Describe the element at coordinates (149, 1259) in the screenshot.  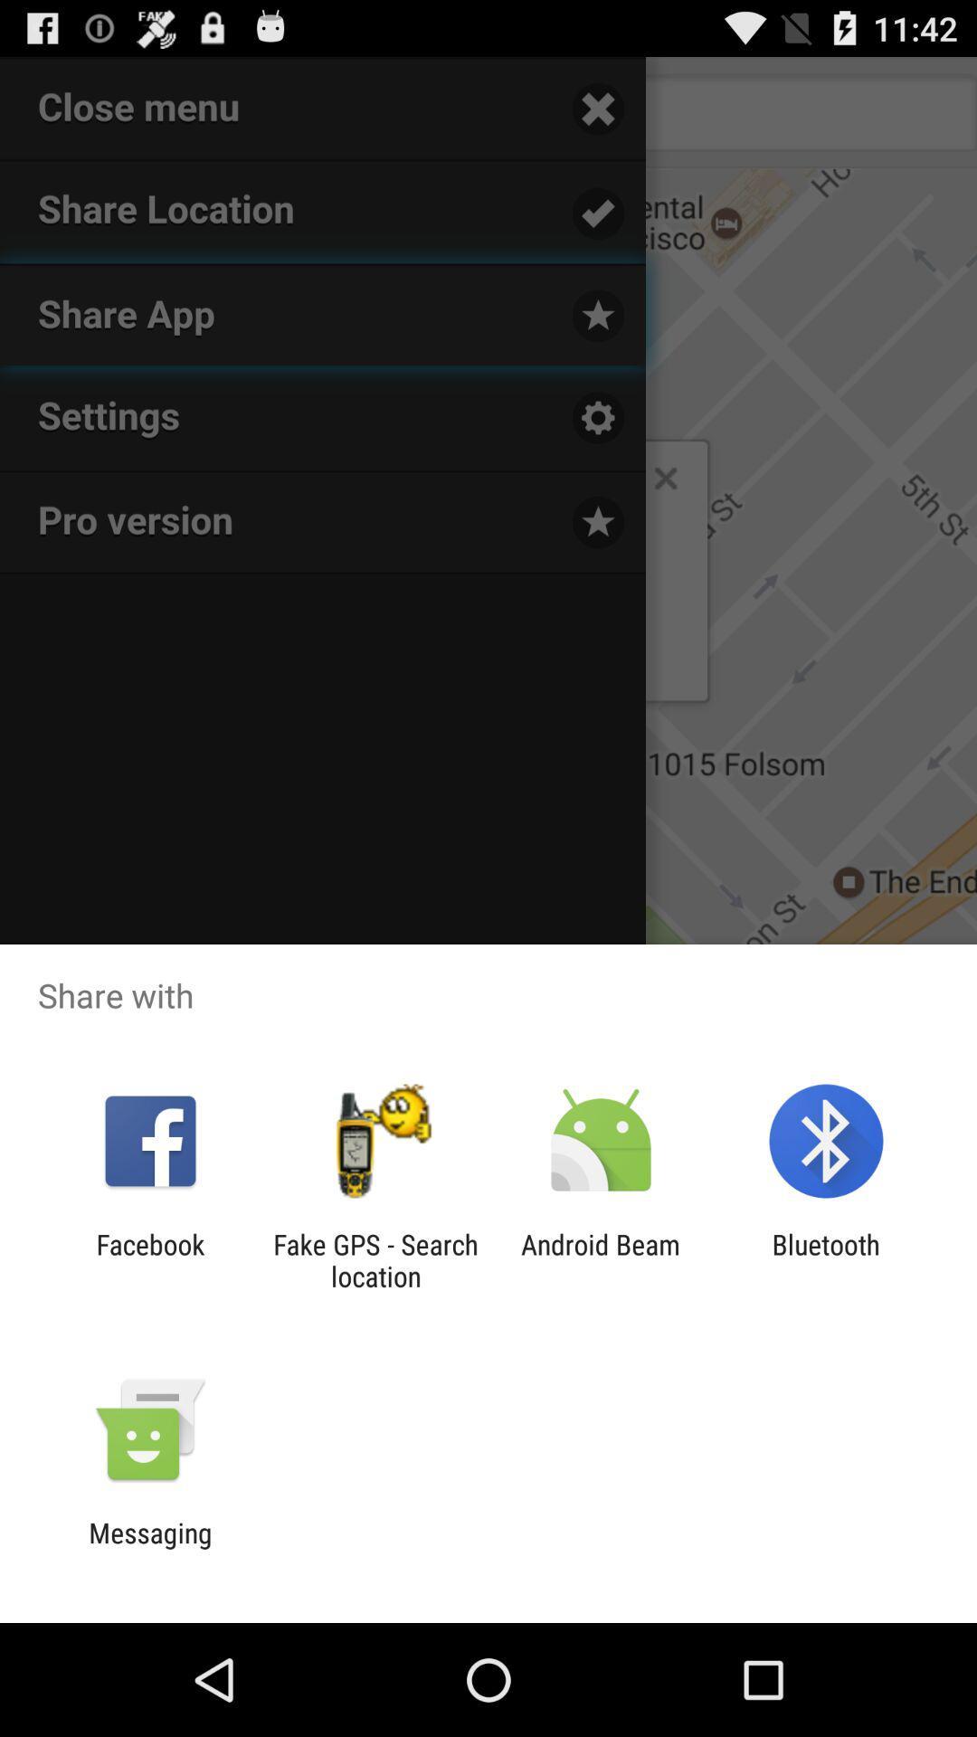
I see `the item next to the fake gps search item` at that location.